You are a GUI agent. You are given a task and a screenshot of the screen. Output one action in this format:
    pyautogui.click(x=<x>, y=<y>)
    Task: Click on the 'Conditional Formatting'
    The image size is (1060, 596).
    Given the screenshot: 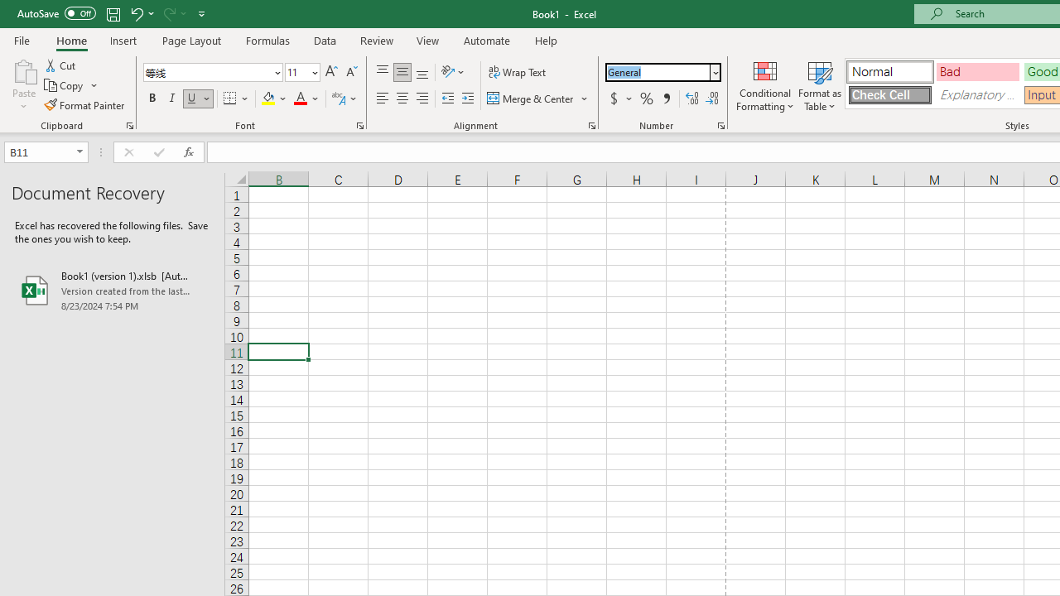 What is the action you would take?
    pyautogui.click(x=764, y=85)
    